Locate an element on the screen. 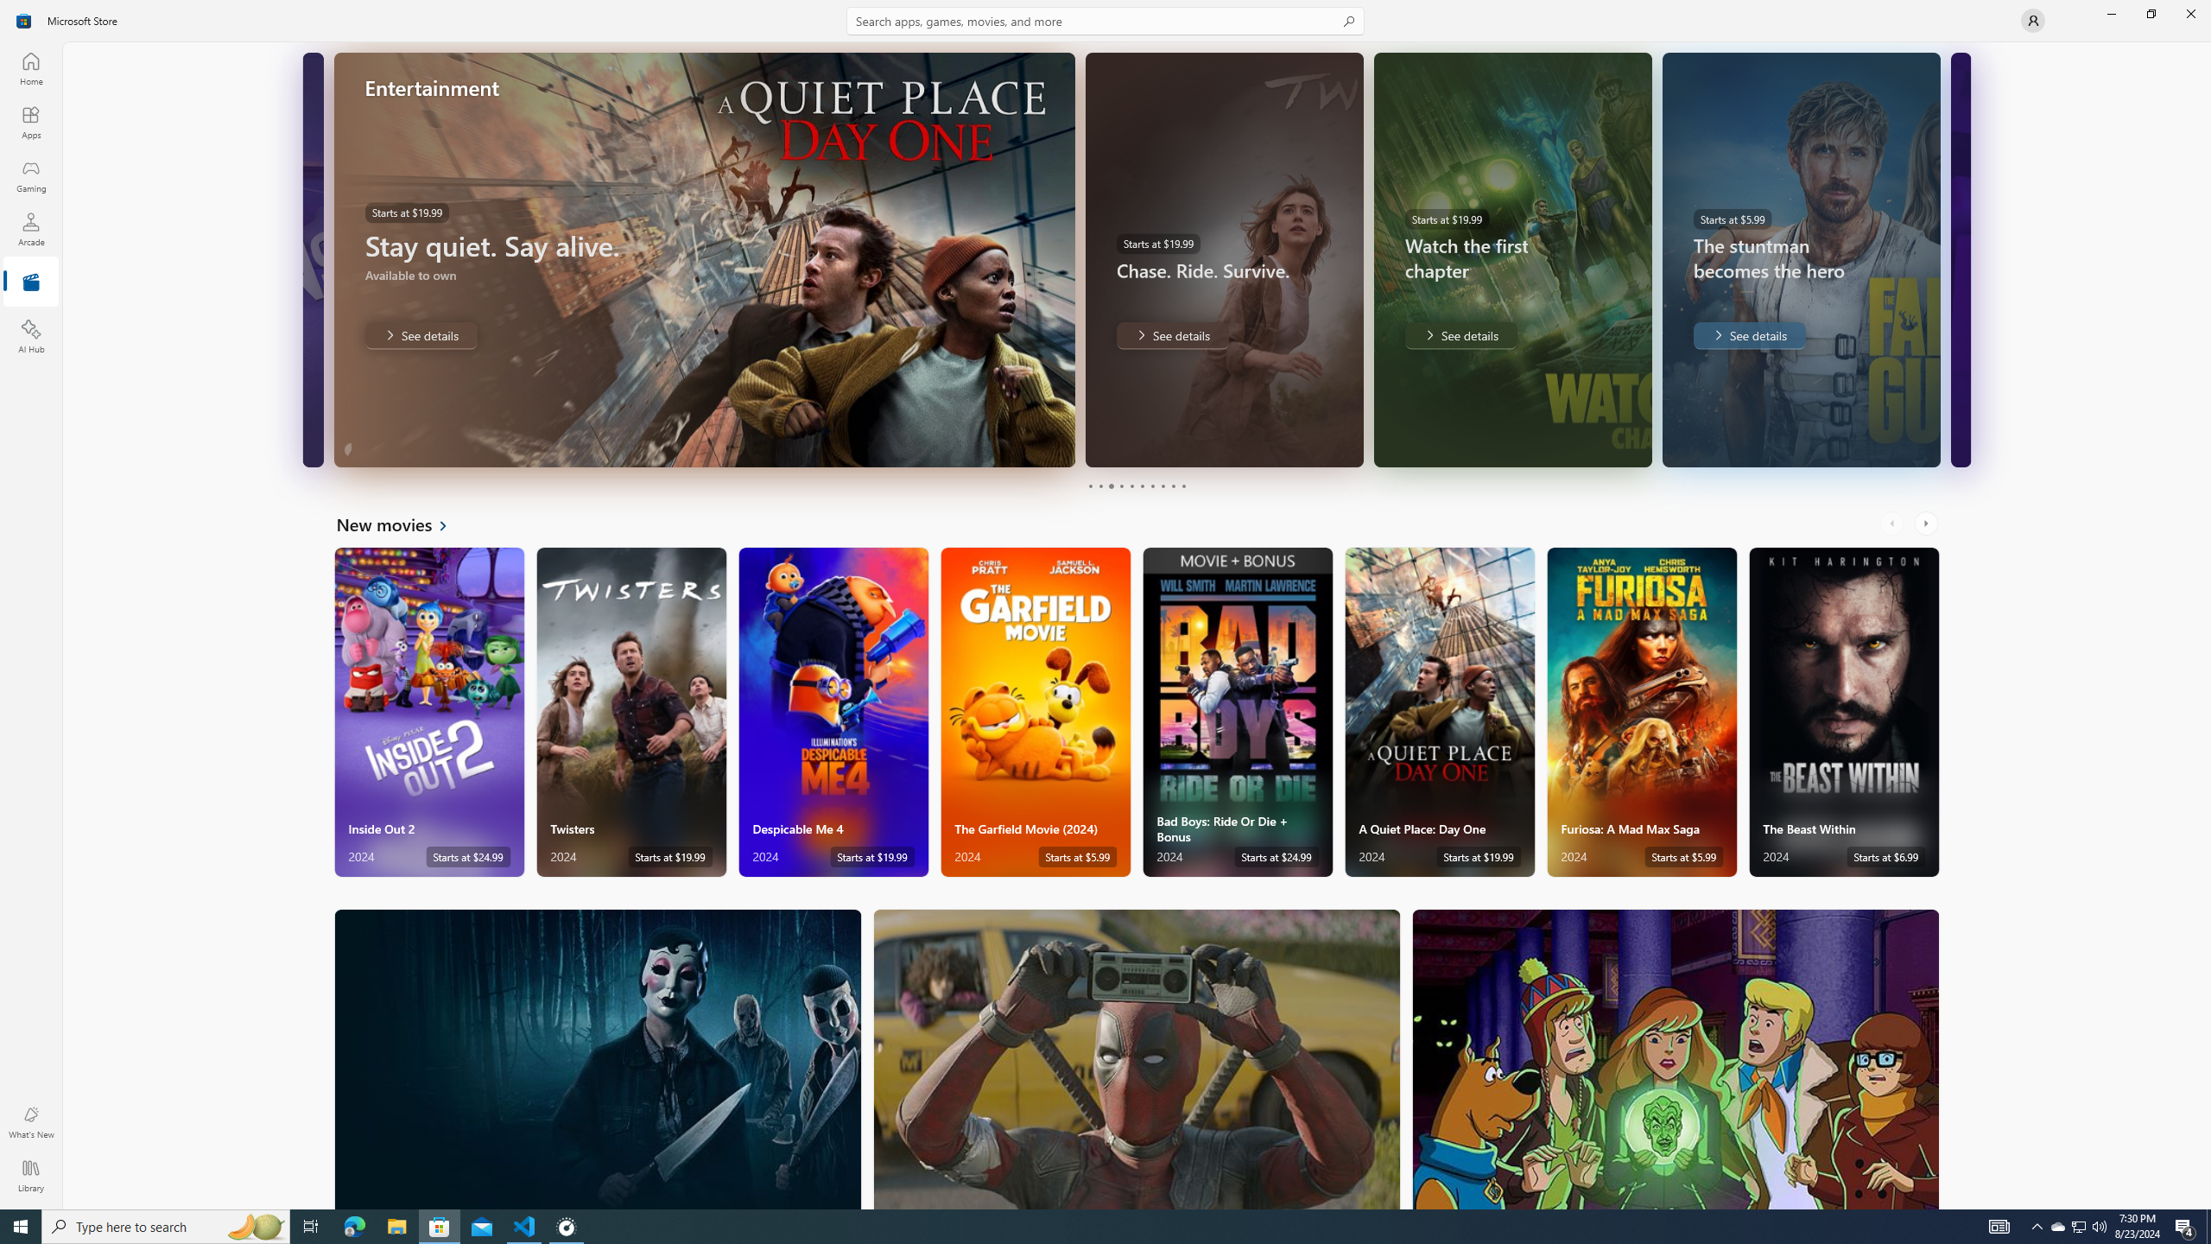  'Page 4' is located at coordinates (1119, 486).